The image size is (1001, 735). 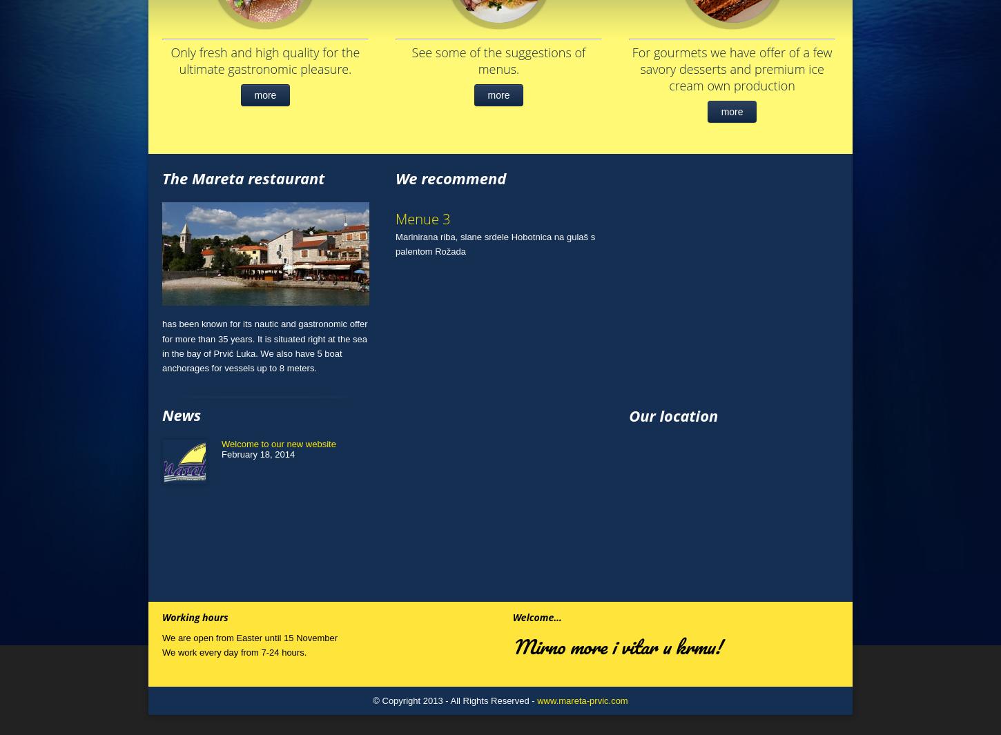 What do you see at coordinates (673, 414) in the screenshot?
I see `'Our location'` at bounding box center [673, 414].